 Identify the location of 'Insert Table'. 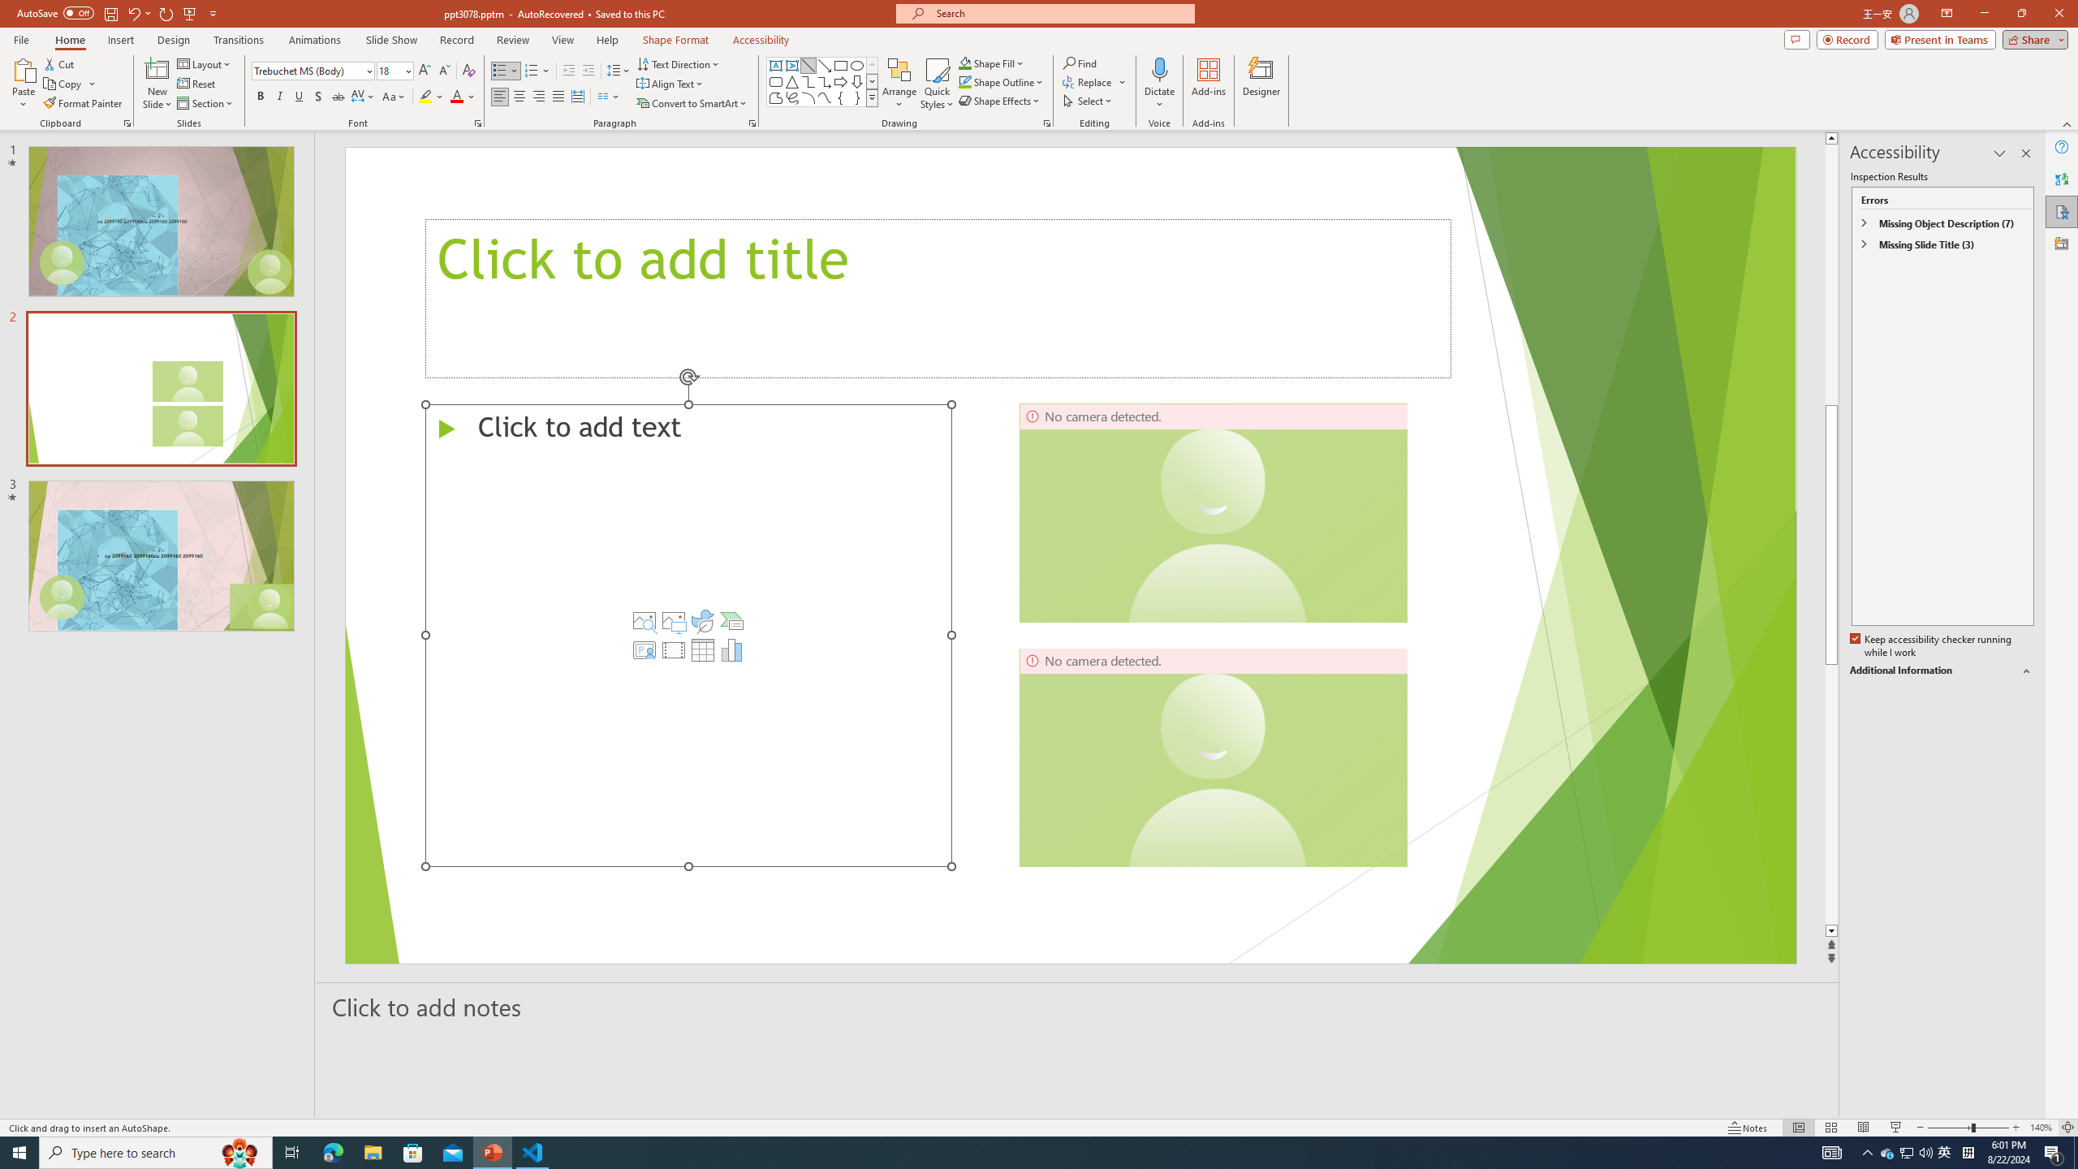
(702, 649).